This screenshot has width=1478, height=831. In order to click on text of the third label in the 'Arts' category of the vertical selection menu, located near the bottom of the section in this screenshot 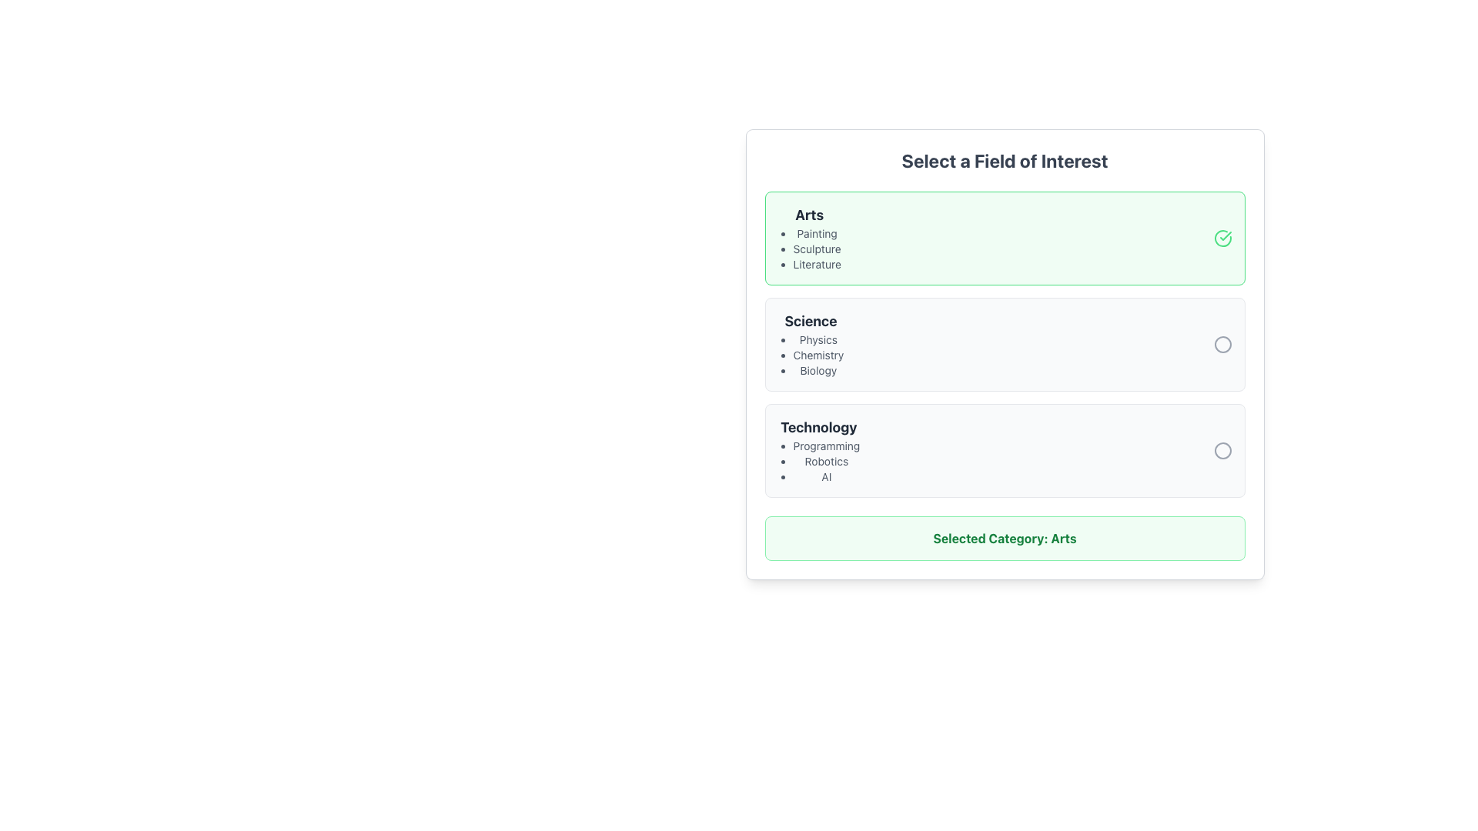, I will do `click(816, 263)`.